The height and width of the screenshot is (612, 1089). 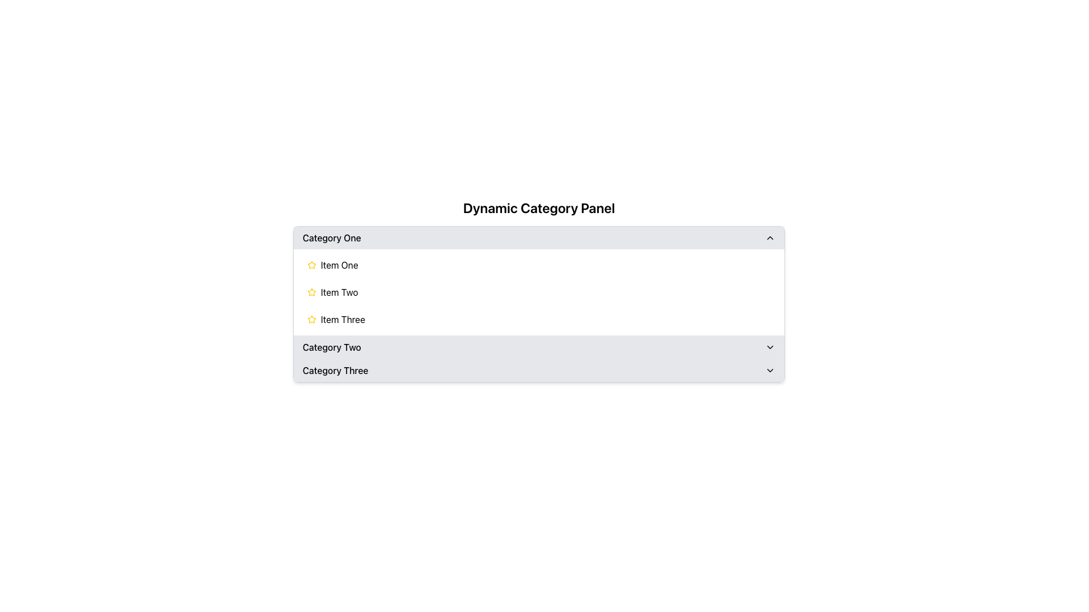 What do you see at coordinates (770, 237) in the screenshot?
I see `the chevron icon located at the far right end of the 'Category One' section header` at bounding box center [770, 237].